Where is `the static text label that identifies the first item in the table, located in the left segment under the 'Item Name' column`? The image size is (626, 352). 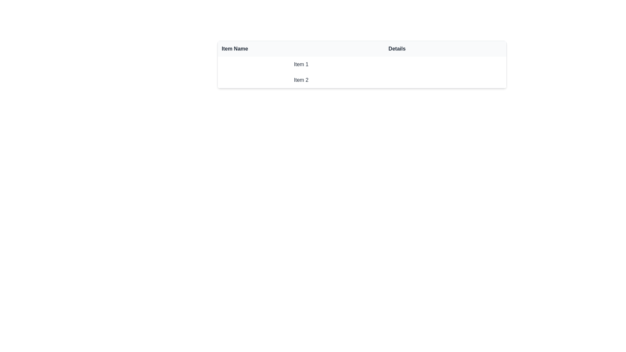 the static text label that identifies the first item in the table, located in the left segment under the 'Item Name' column is located at coordinates (301, 64).